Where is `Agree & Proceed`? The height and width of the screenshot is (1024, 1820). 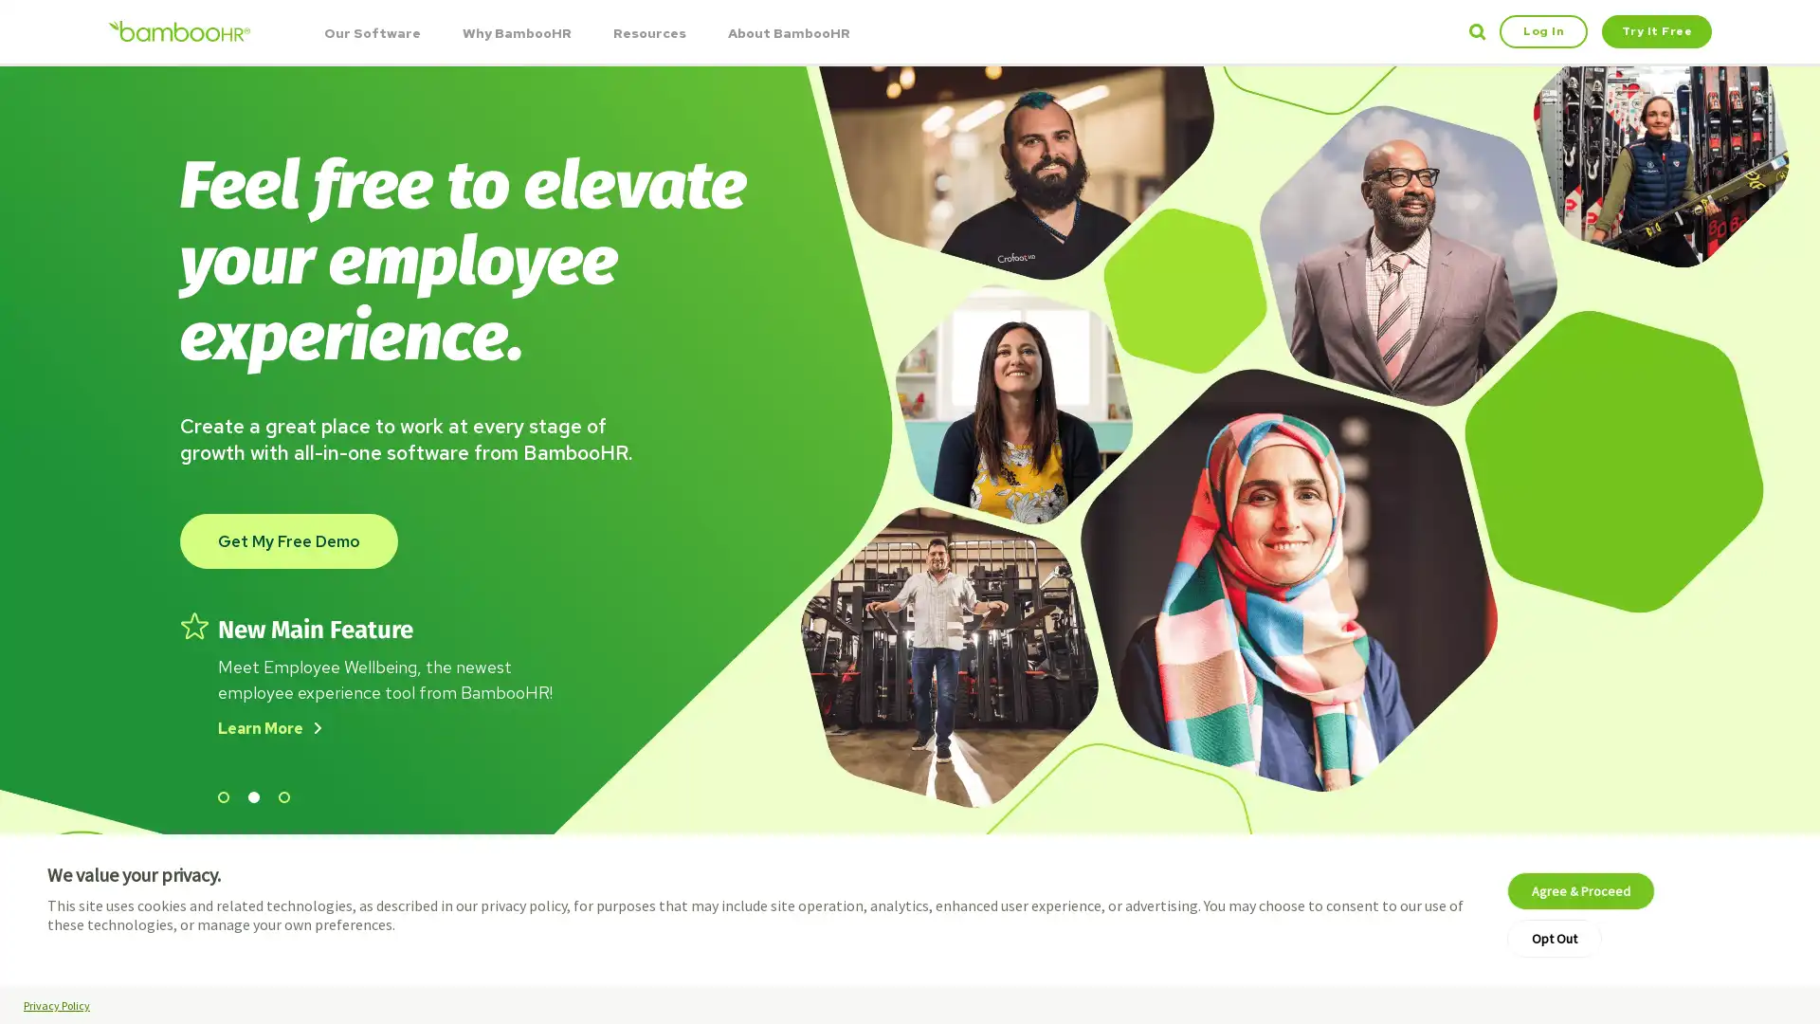 Agree & Proceed is located at coordinates (1581, 891).